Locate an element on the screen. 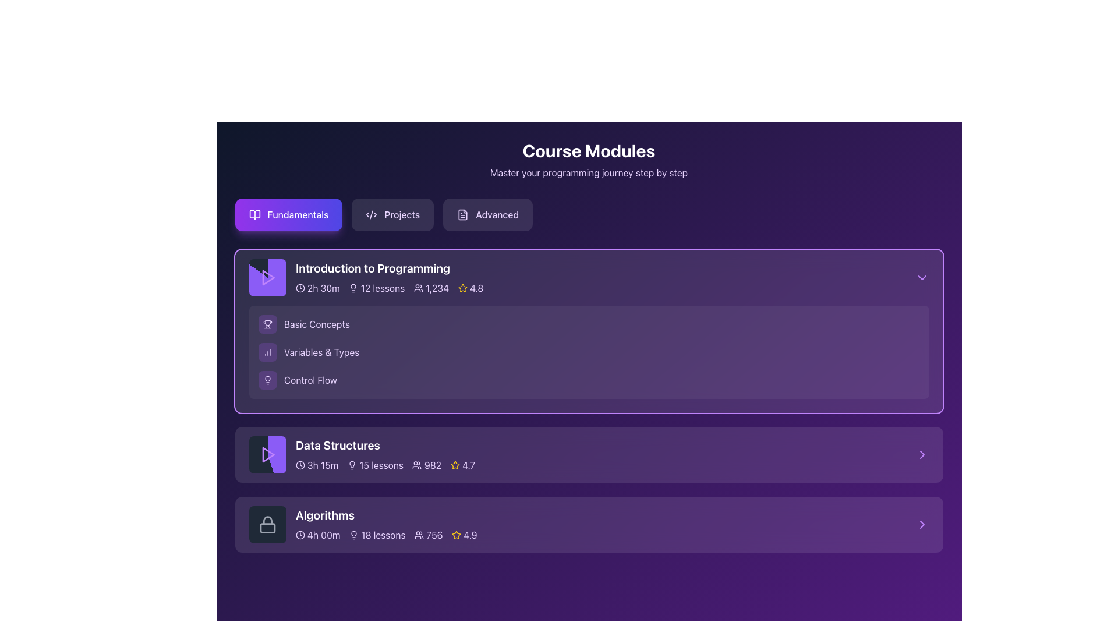 This screenshot has width=1118, height=629. the circular button with a gradient purple background and a play icon, located to the left of the 'Introduction to Programming' text, to trigger potential animation or tooltip is located at coordinates (267, 278).